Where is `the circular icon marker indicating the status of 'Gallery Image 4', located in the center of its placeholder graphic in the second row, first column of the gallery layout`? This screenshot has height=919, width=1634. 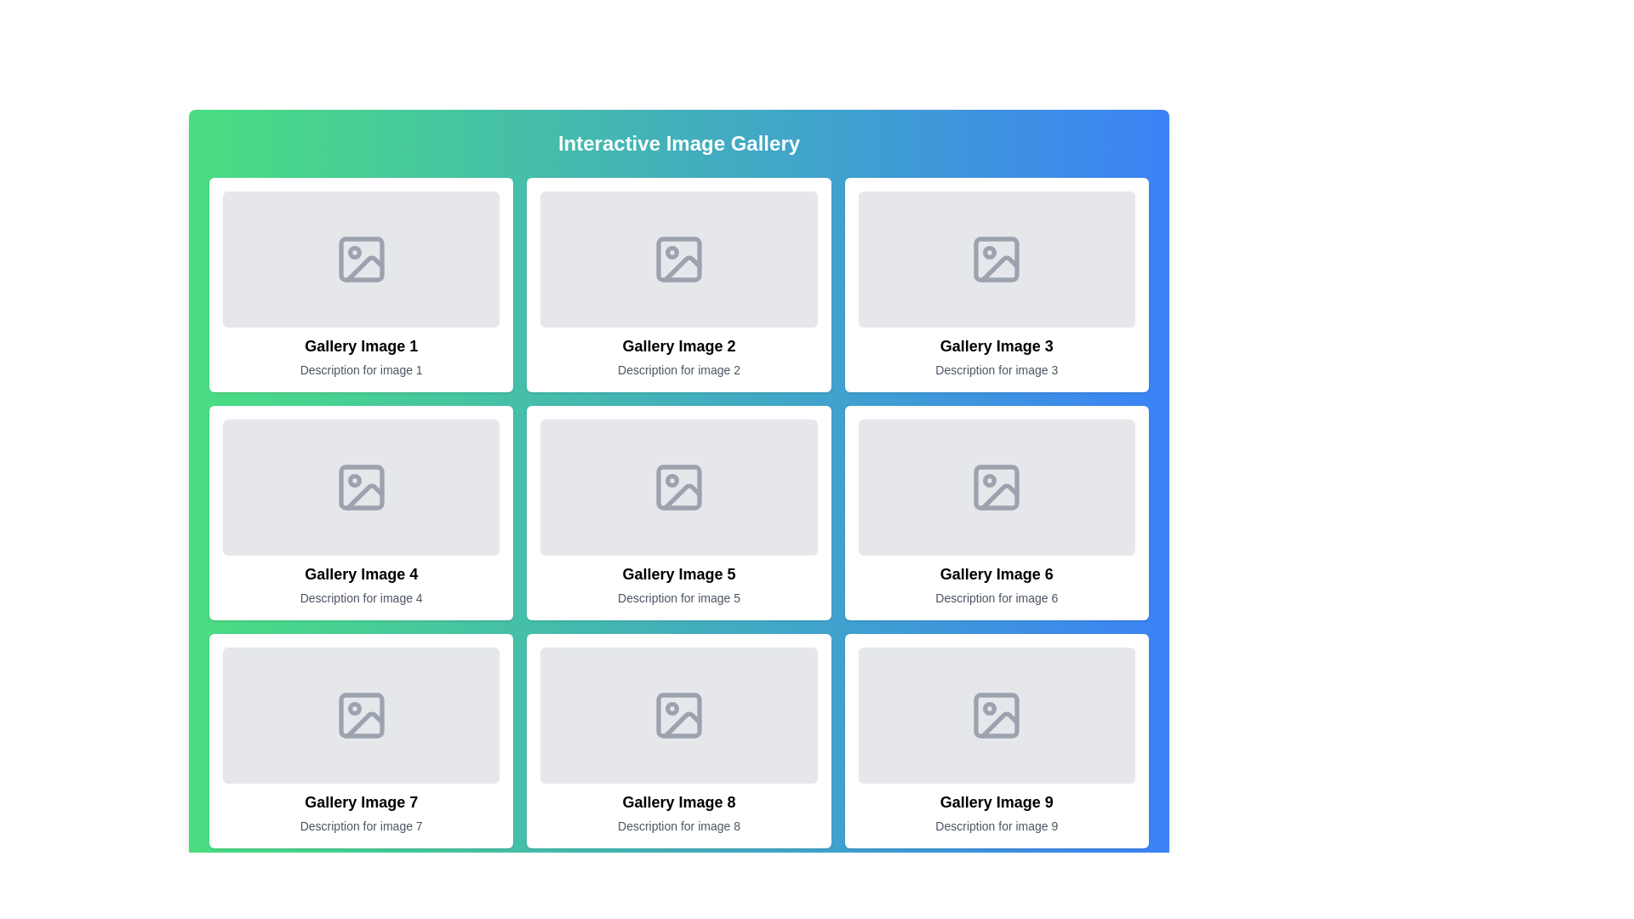 the circular icon marker indicating the status of 'Gallery Image 4', located in the center of its placeholder graphic in the second row, first column of the gallery layout is located at coordinates (353, 480).